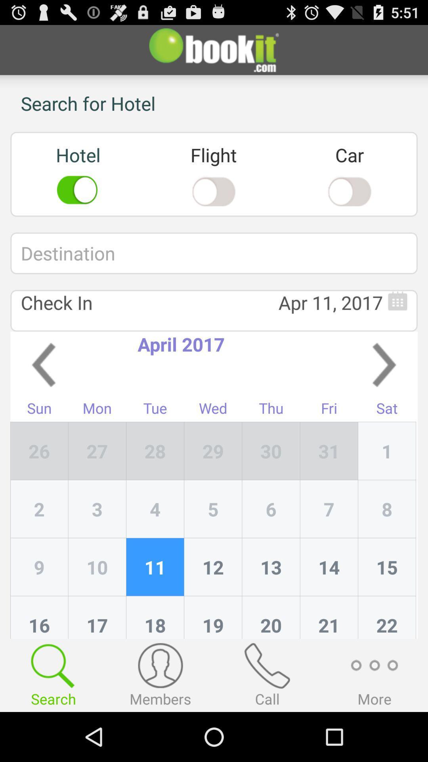 The width and height of the screenshot is (428, 762). What do you see at coordinates (329, 451) in the screenshot?
I see `app next to sat icon` at bounding box center [329, 451].